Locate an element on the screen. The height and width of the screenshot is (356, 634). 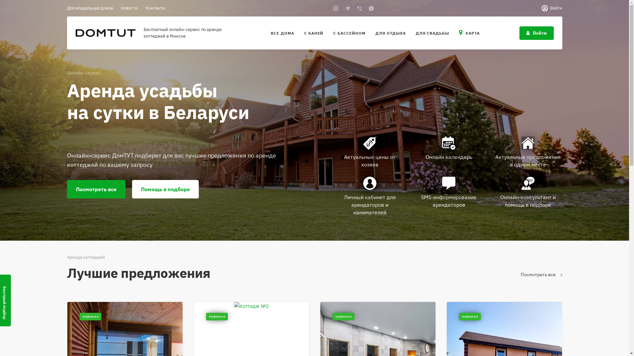
'Instagram' is located at coordinates (335, 8).